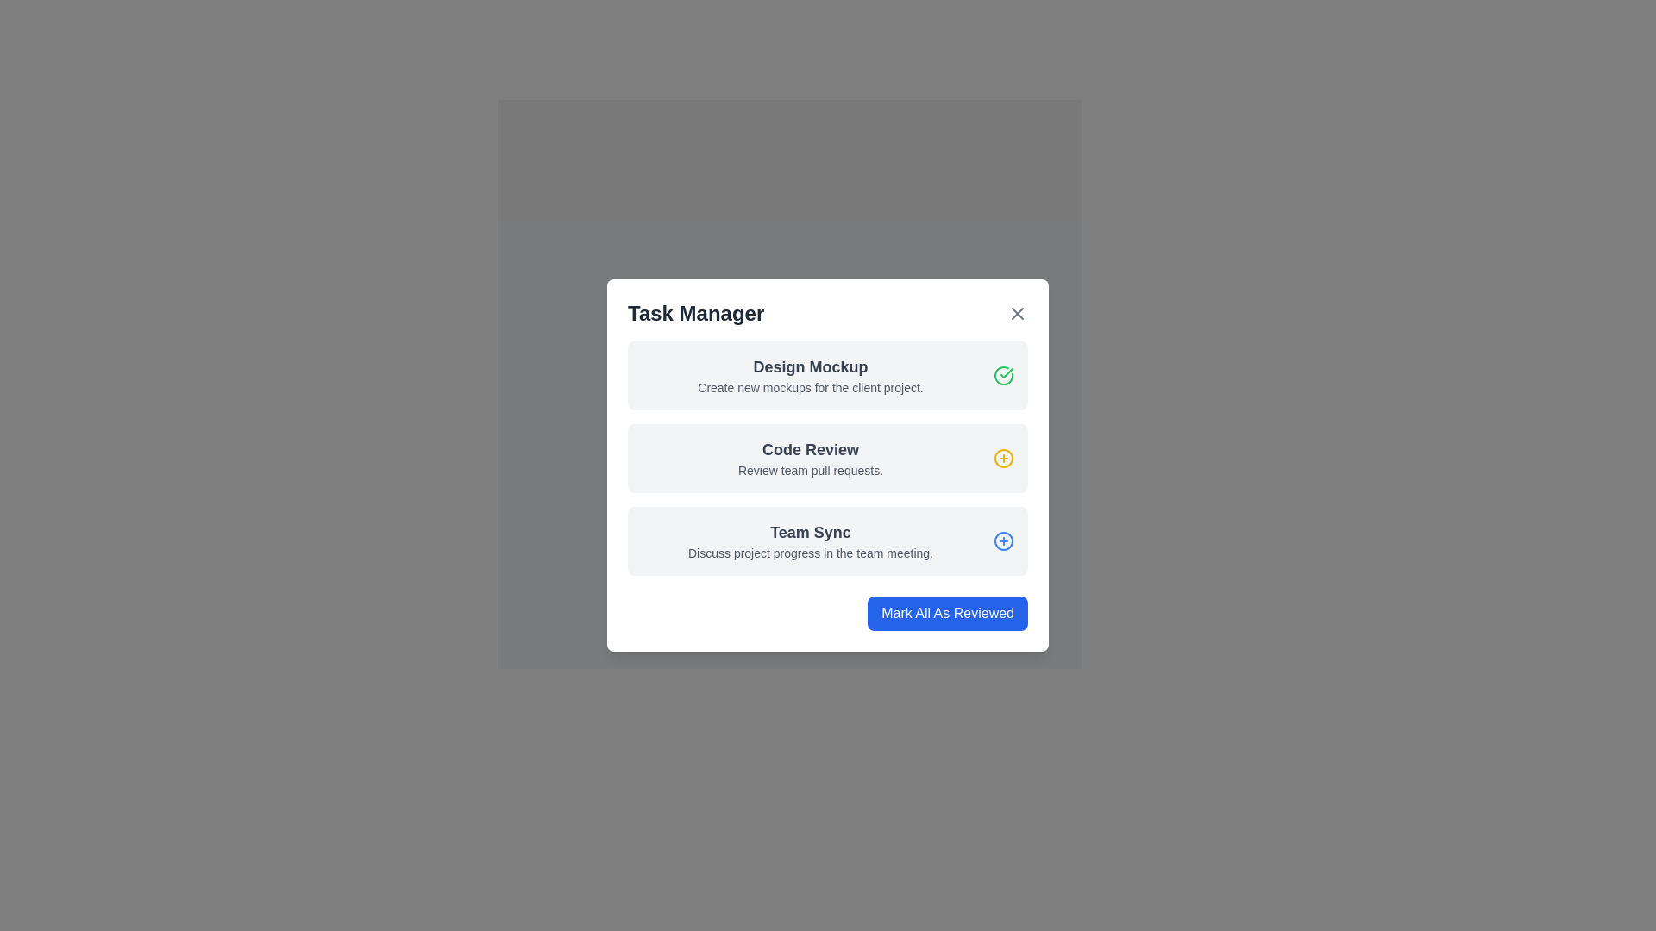 Image resolution: width=1656 pixels, height=931 pixels. What do you see at coordinates (1003, 458) in the screenshot?
I see `the action button icon to add or expand an item associated with the 'Team Sync' task, which is located to the right of the 'Team Sync' label` at bounding box center [1003, 458].